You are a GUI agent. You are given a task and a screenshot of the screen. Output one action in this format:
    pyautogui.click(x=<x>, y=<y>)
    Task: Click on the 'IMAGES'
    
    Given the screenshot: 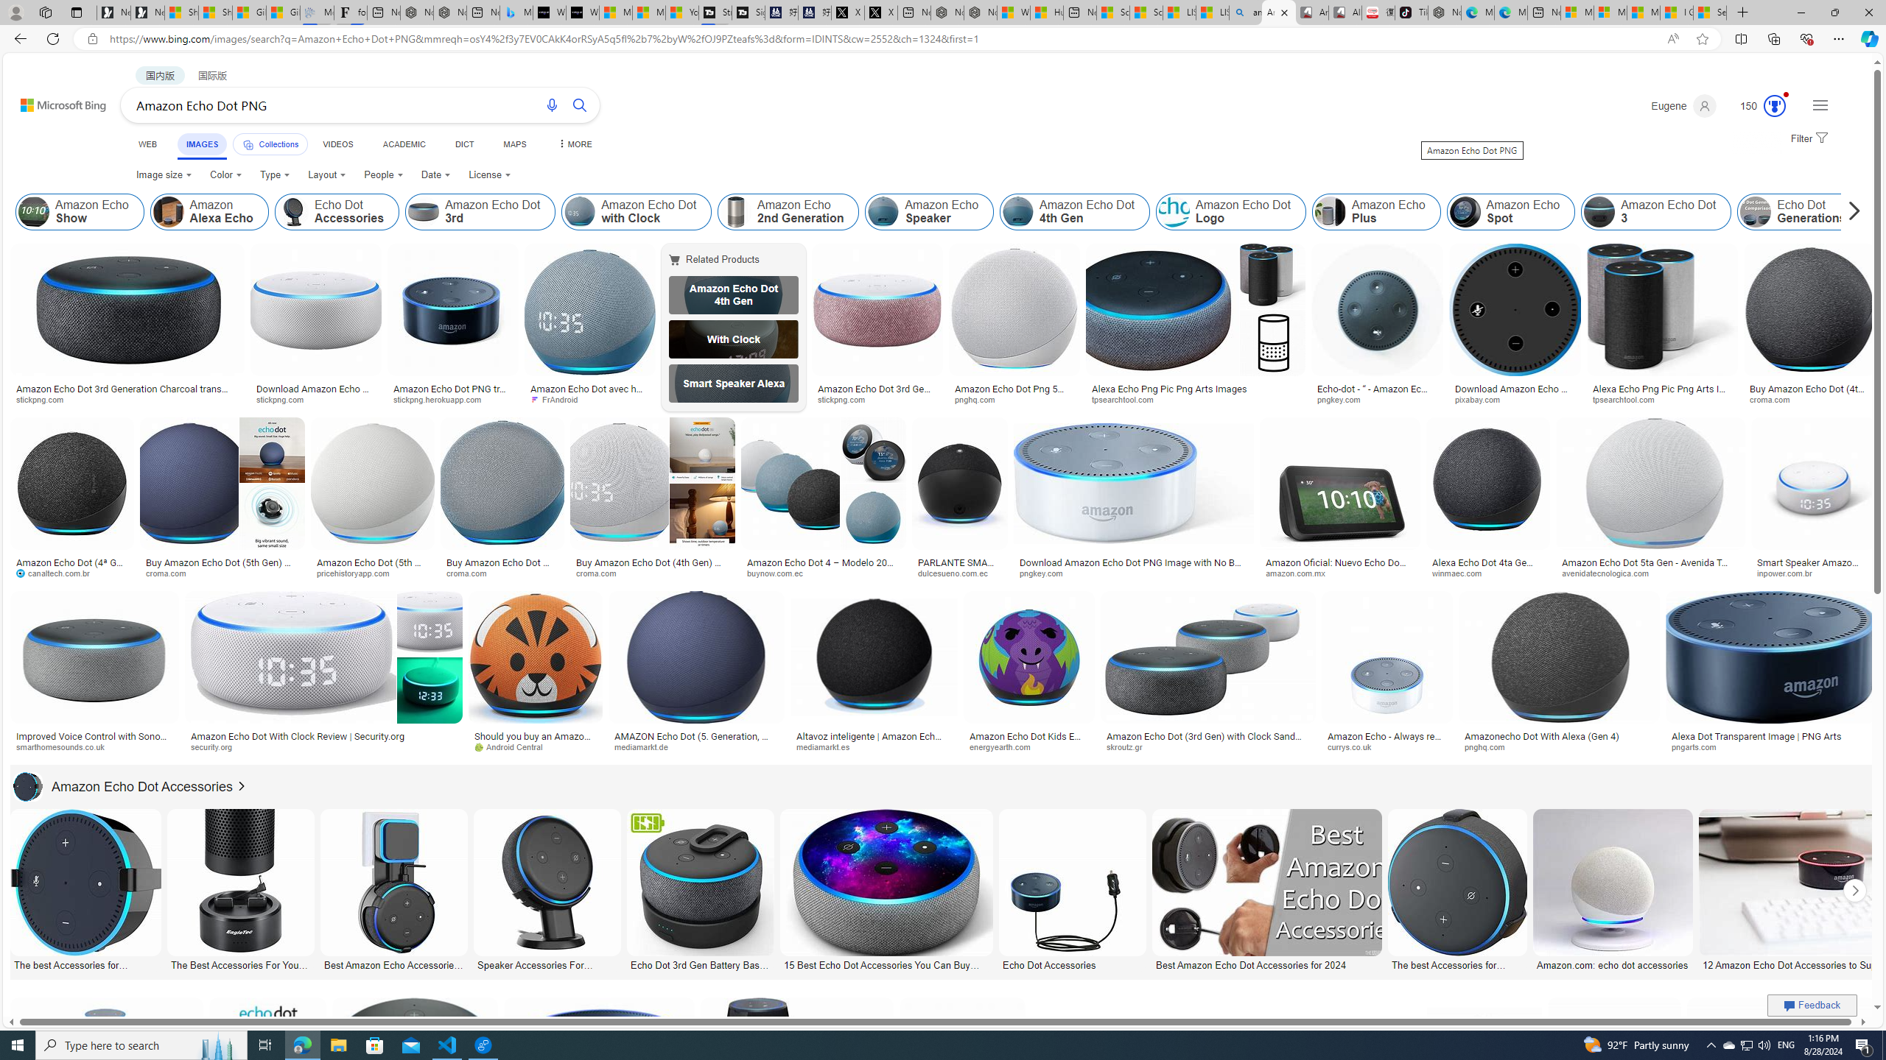 What is the action you would take?
    pyautogui.click(x=202, y=146)
    